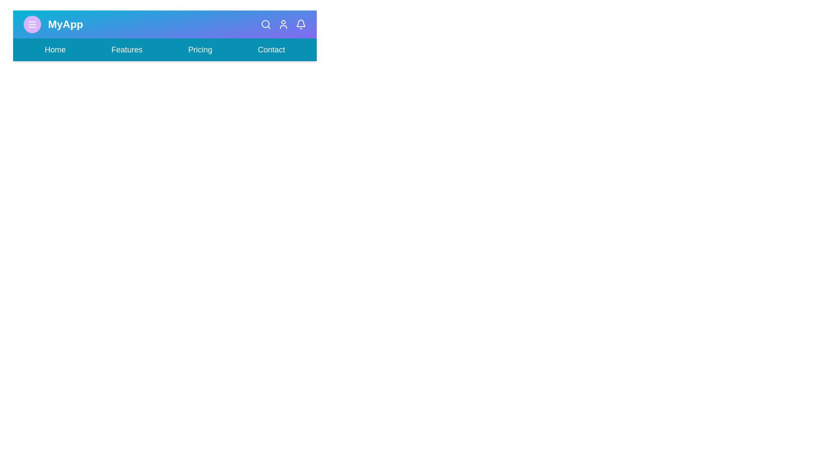  I want to click on the navigation link Pricing to navigate to the corresponding section, so click(199, 50).